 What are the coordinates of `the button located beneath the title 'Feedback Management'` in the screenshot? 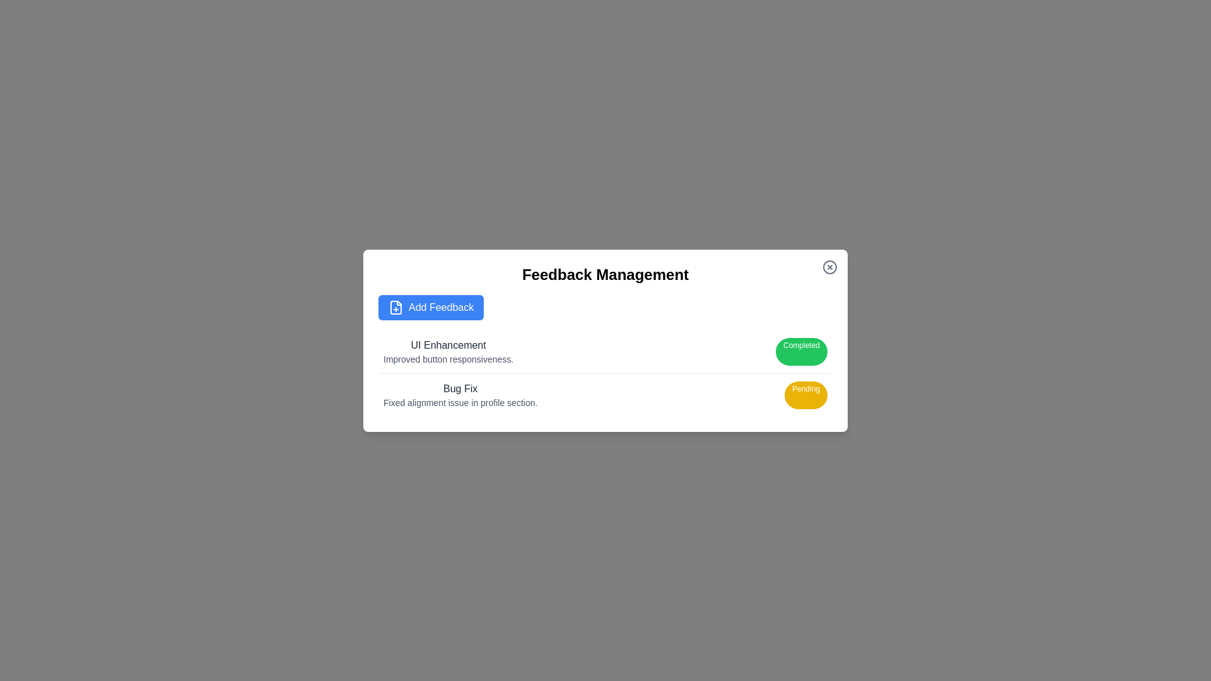 It's located at (431, 307).